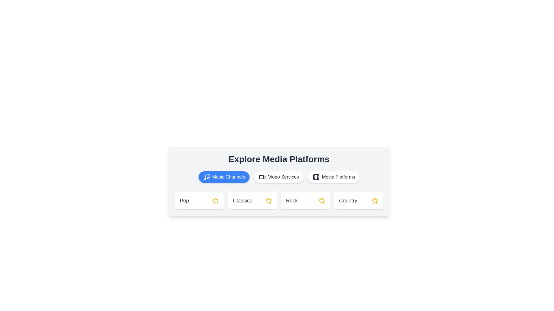  What do you see at coordinates (375, 200) in the screenshot?
I see `the star icon next to the 'Country' label` at bounding box center [375, 200].